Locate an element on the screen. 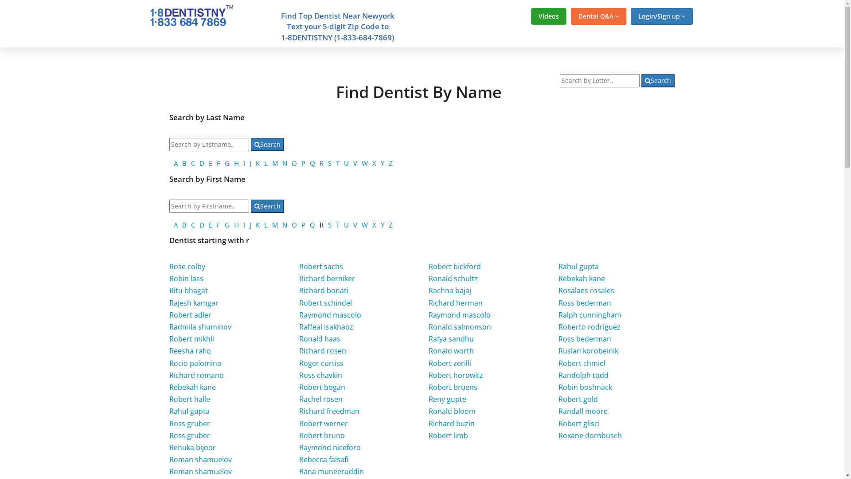 The image size is (851, 479). 'Robert halle' is located at coordinates (189, 398).